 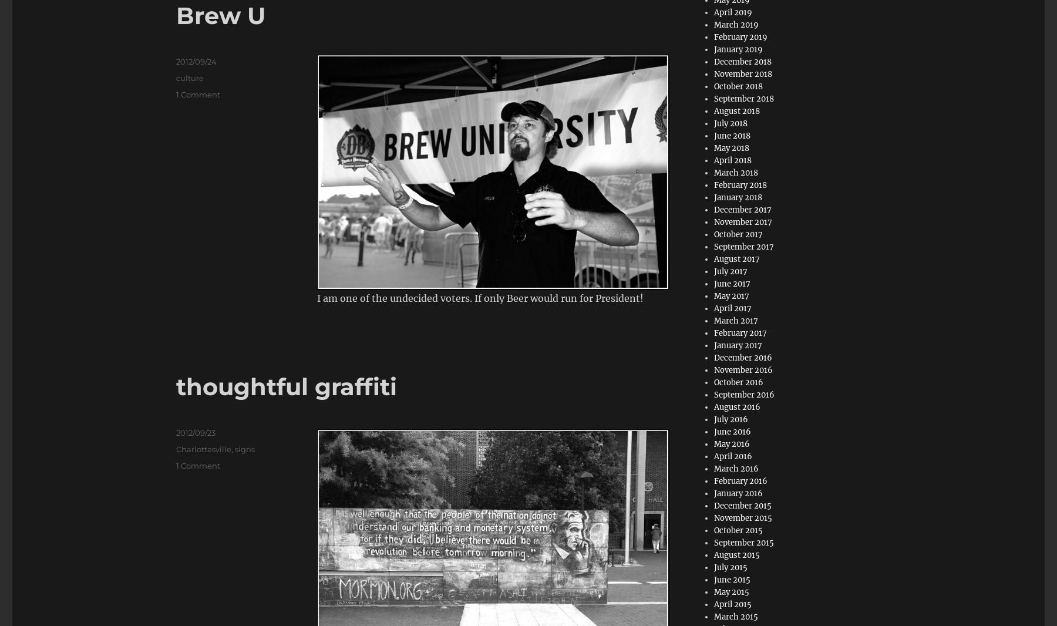 I want to click on 'March 2018', so click(x=736, y=173).